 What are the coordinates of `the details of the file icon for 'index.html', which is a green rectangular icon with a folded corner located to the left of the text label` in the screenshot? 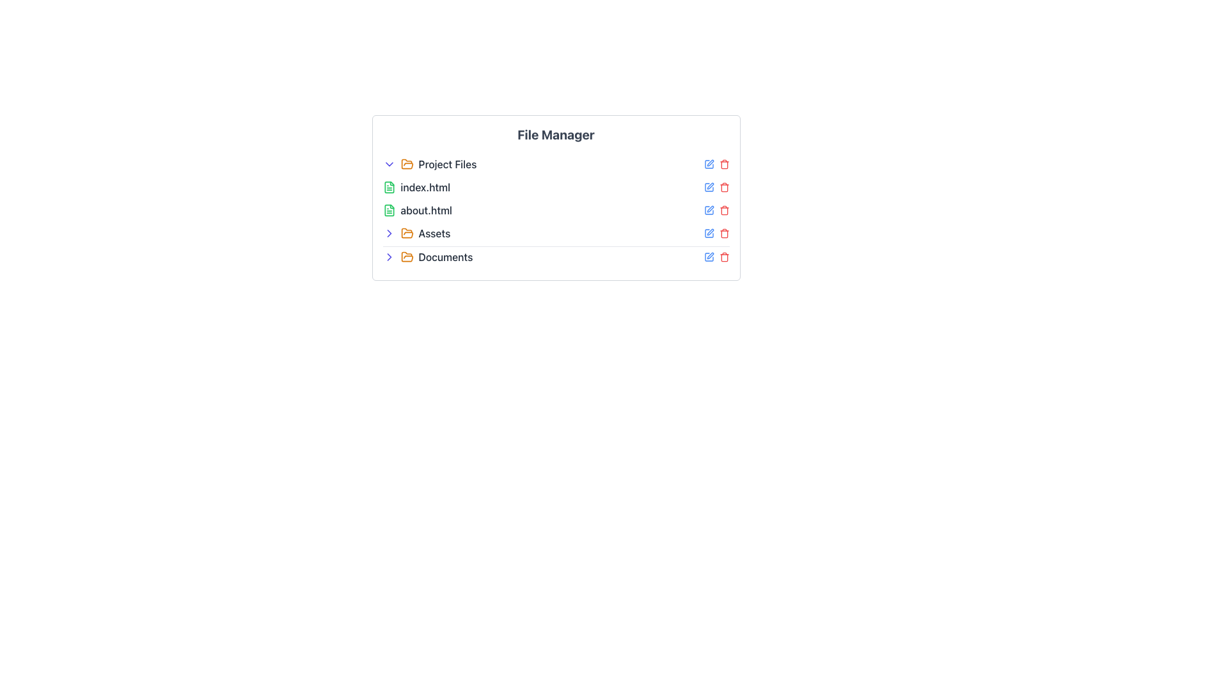 It's located at (388, 187).